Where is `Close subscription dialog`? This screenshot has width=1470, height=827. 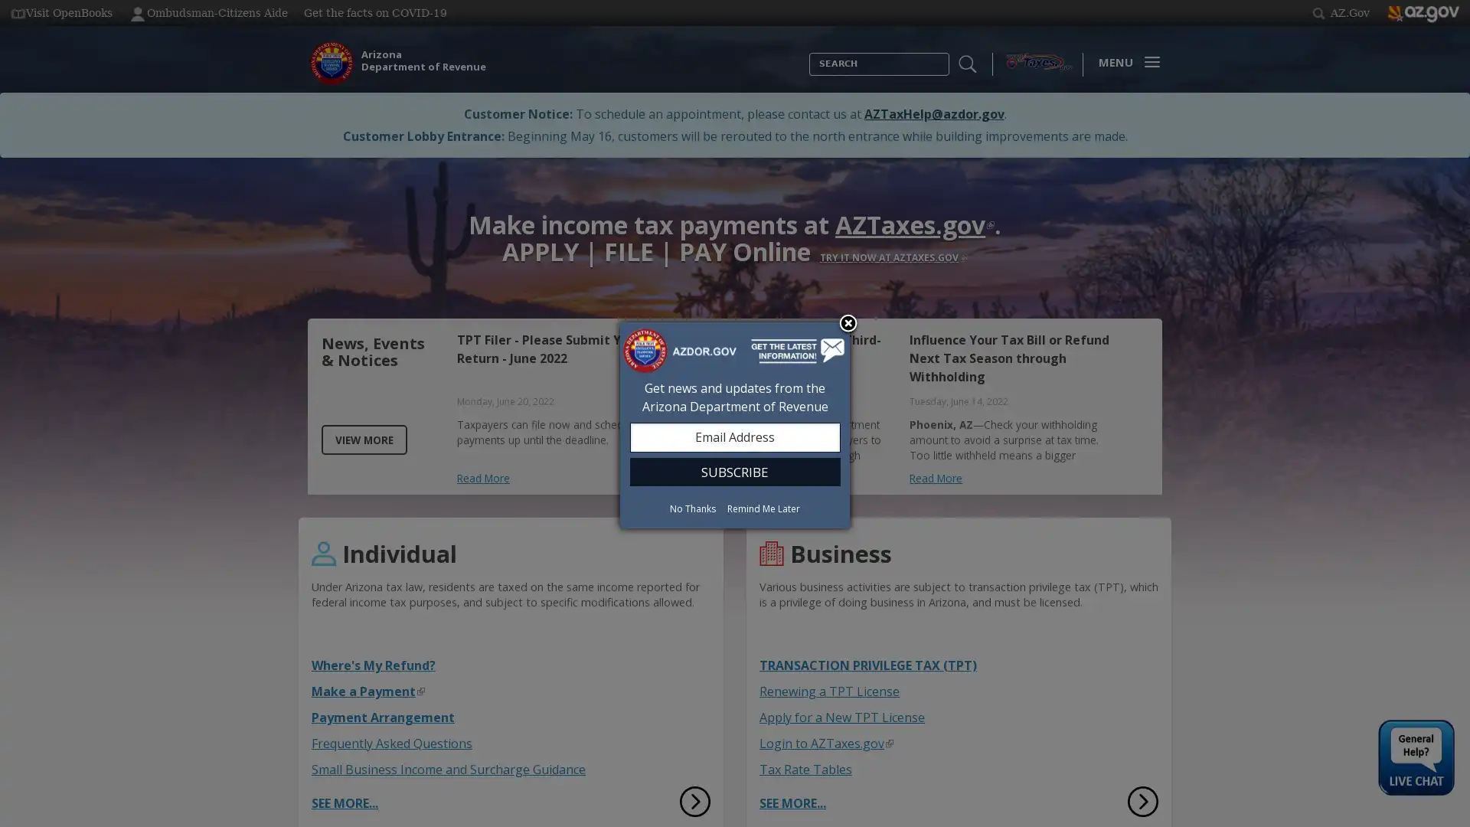
Close subscription dialog is located at coordinates (847, 323).